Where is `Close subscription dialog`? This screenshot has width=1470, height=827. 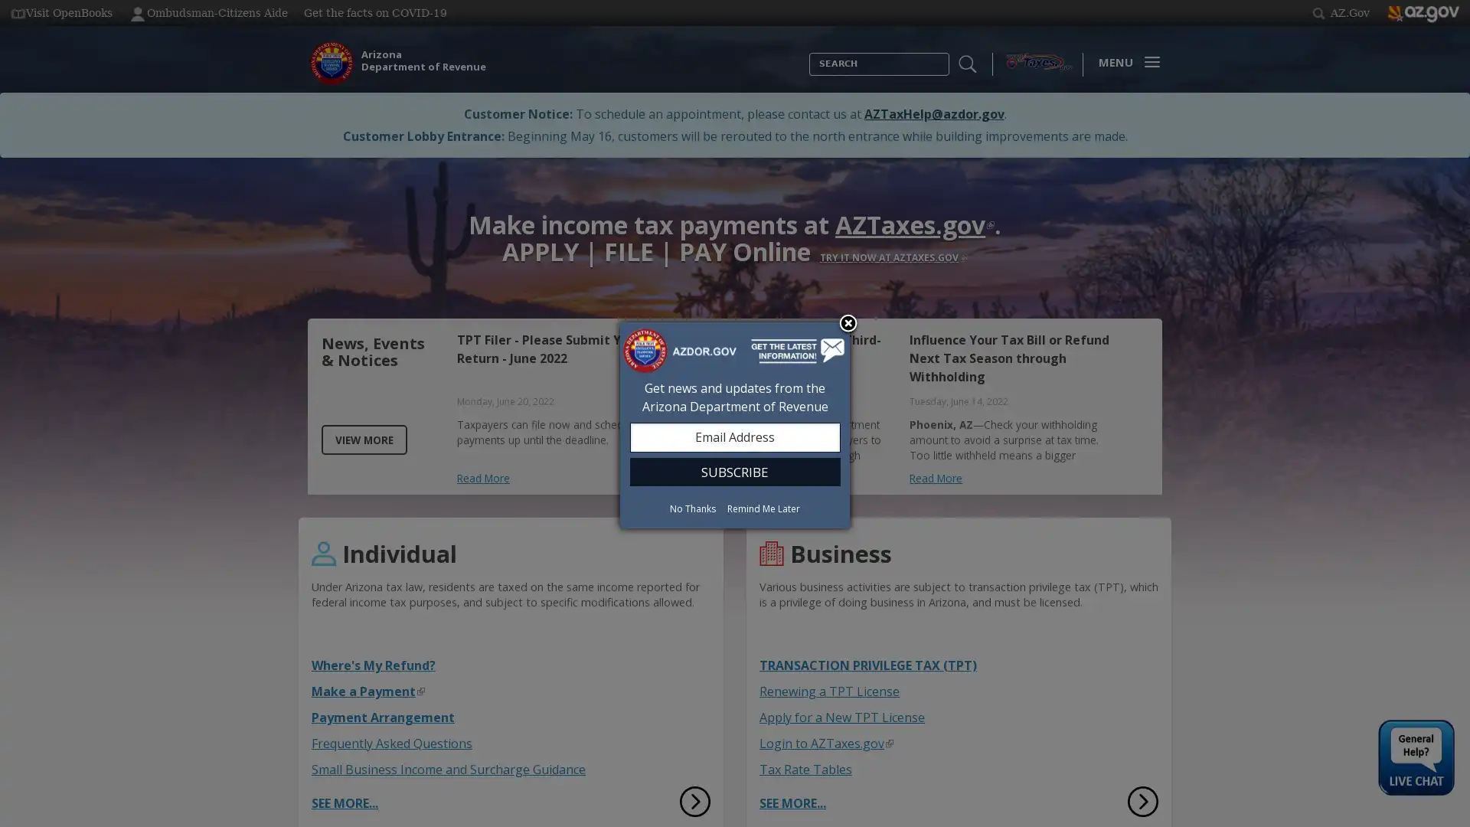
Close subscription dialog is located at coordinates (847, 323).